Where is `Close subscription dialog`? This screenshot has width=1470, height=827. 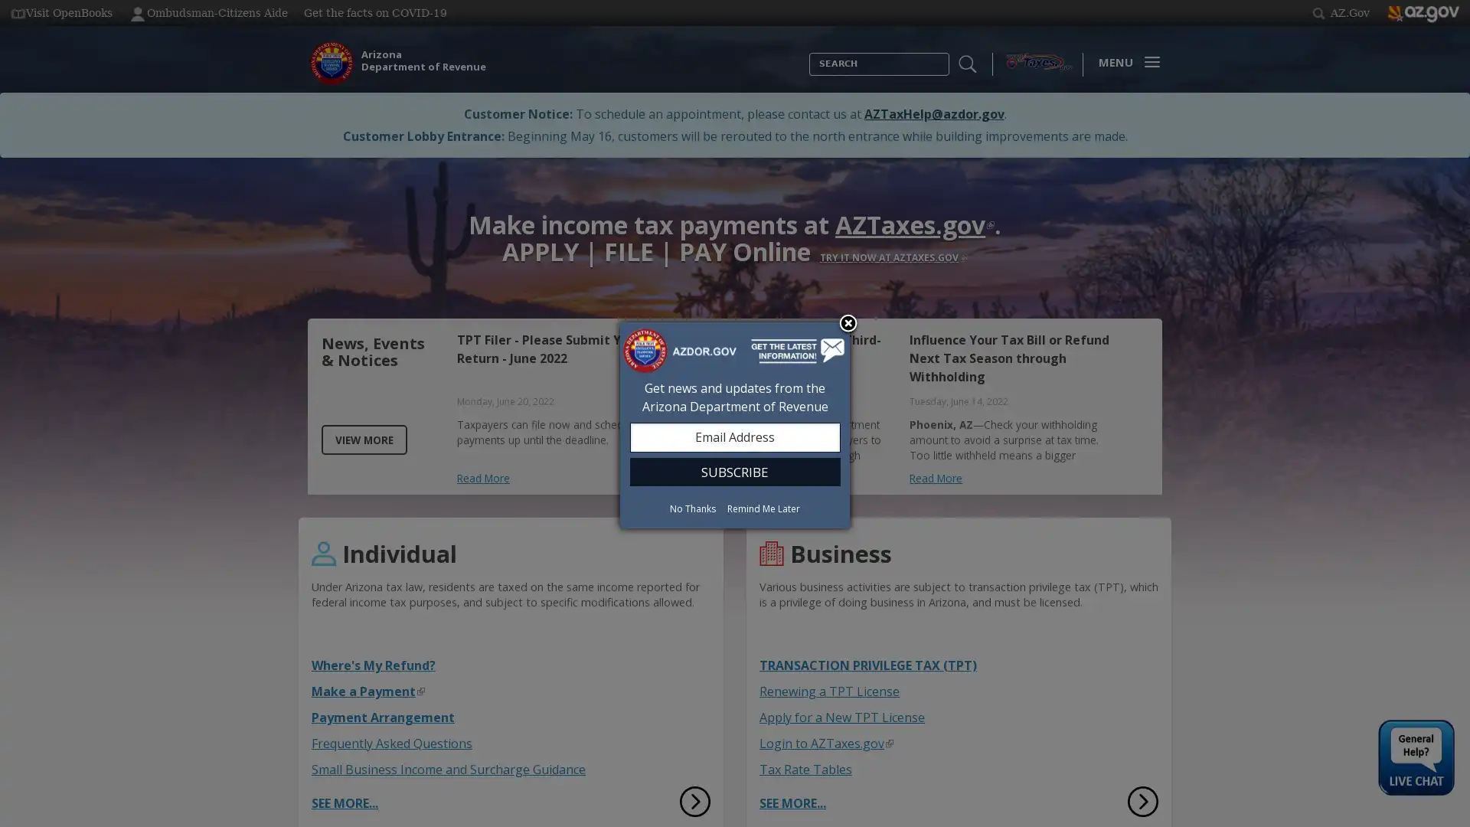
Close subscription dialog is located at coordinates (847, 323).